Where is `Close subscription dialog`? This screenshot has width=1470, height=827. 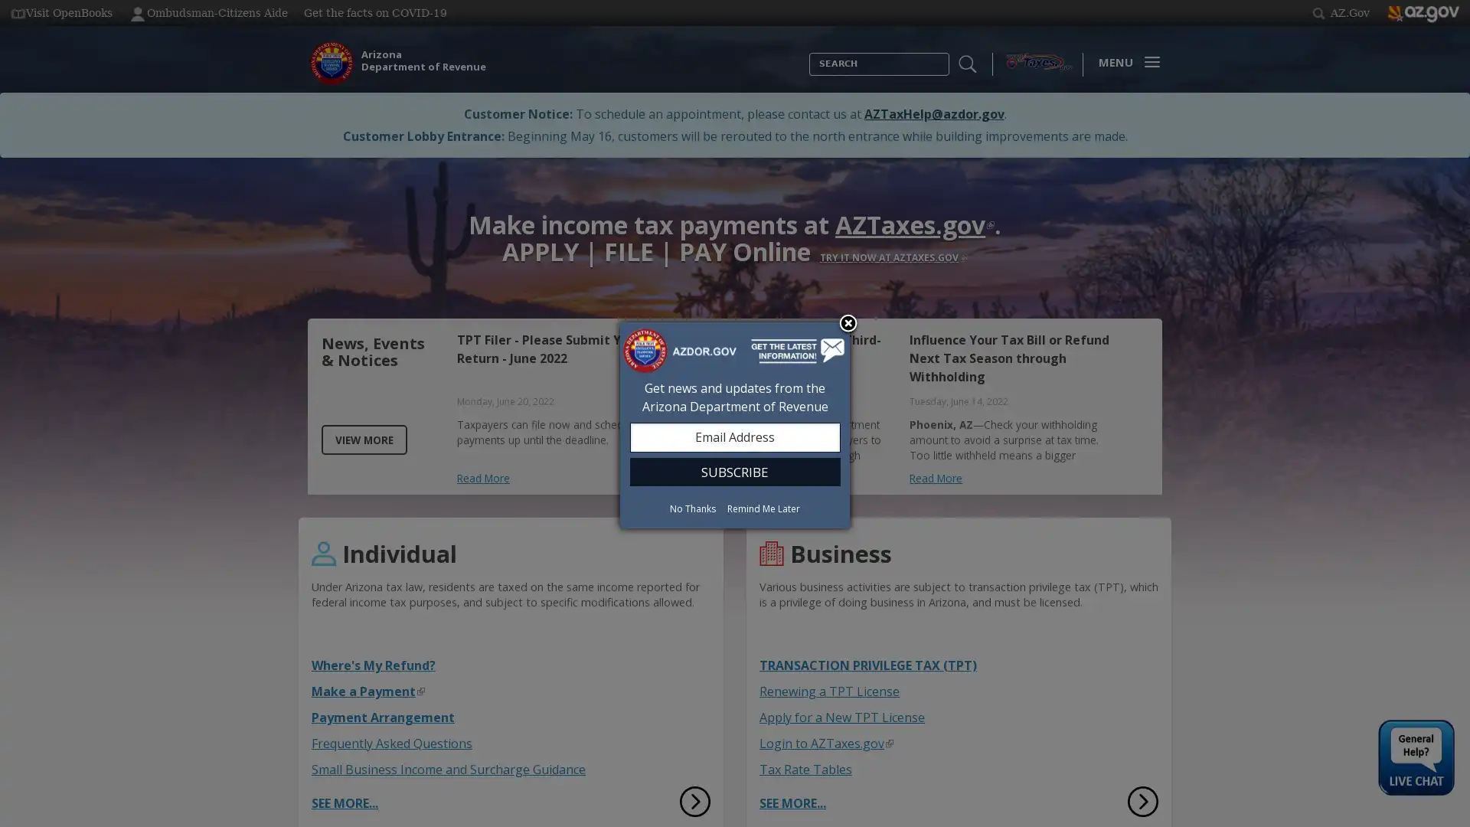
Close subscription dialog is located at coordinates (847, 323).